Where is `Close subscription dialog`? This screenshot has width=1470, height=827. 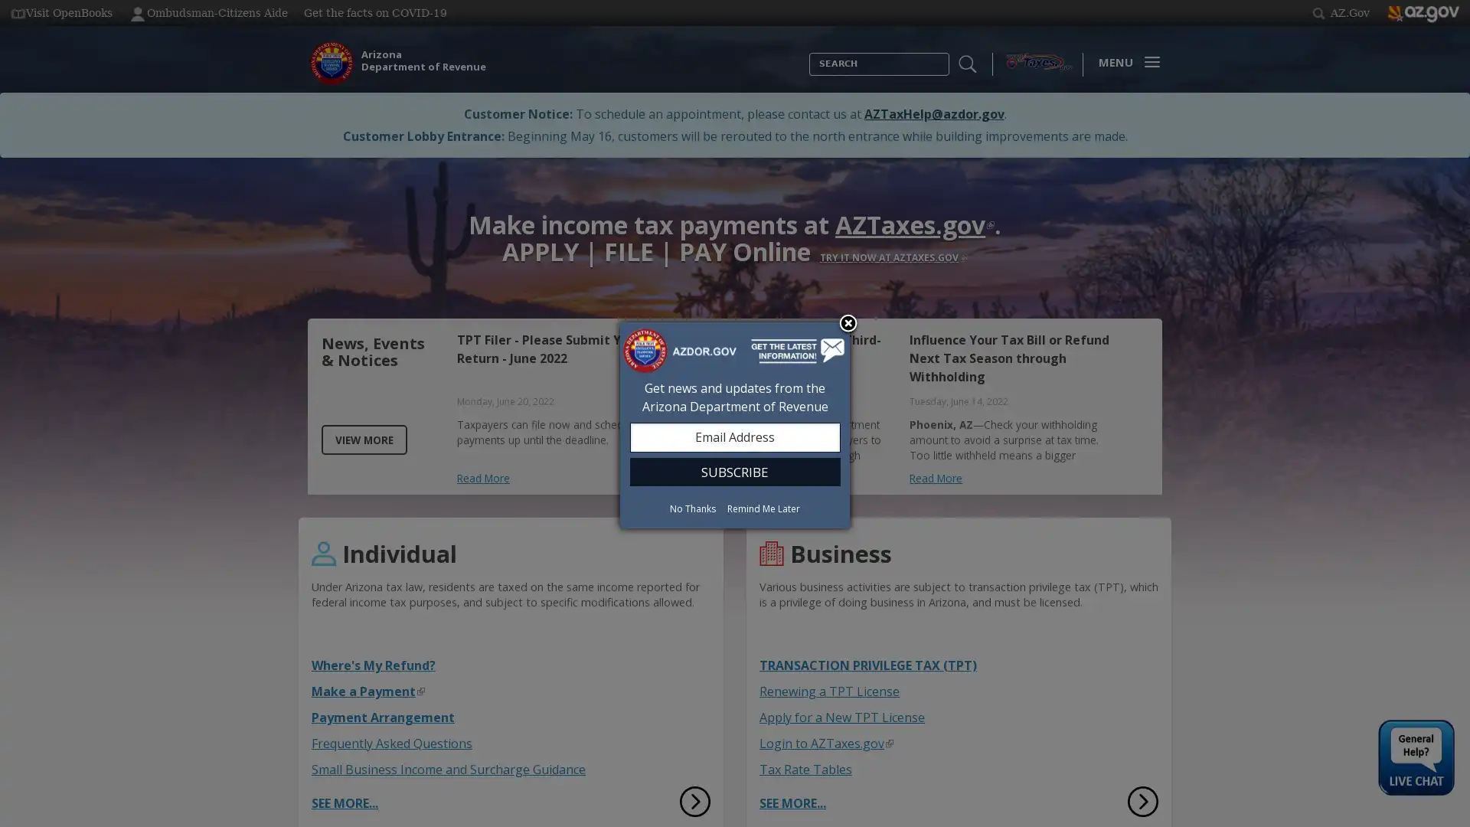
Close subscription dialog is located at coordinates (847, 323).